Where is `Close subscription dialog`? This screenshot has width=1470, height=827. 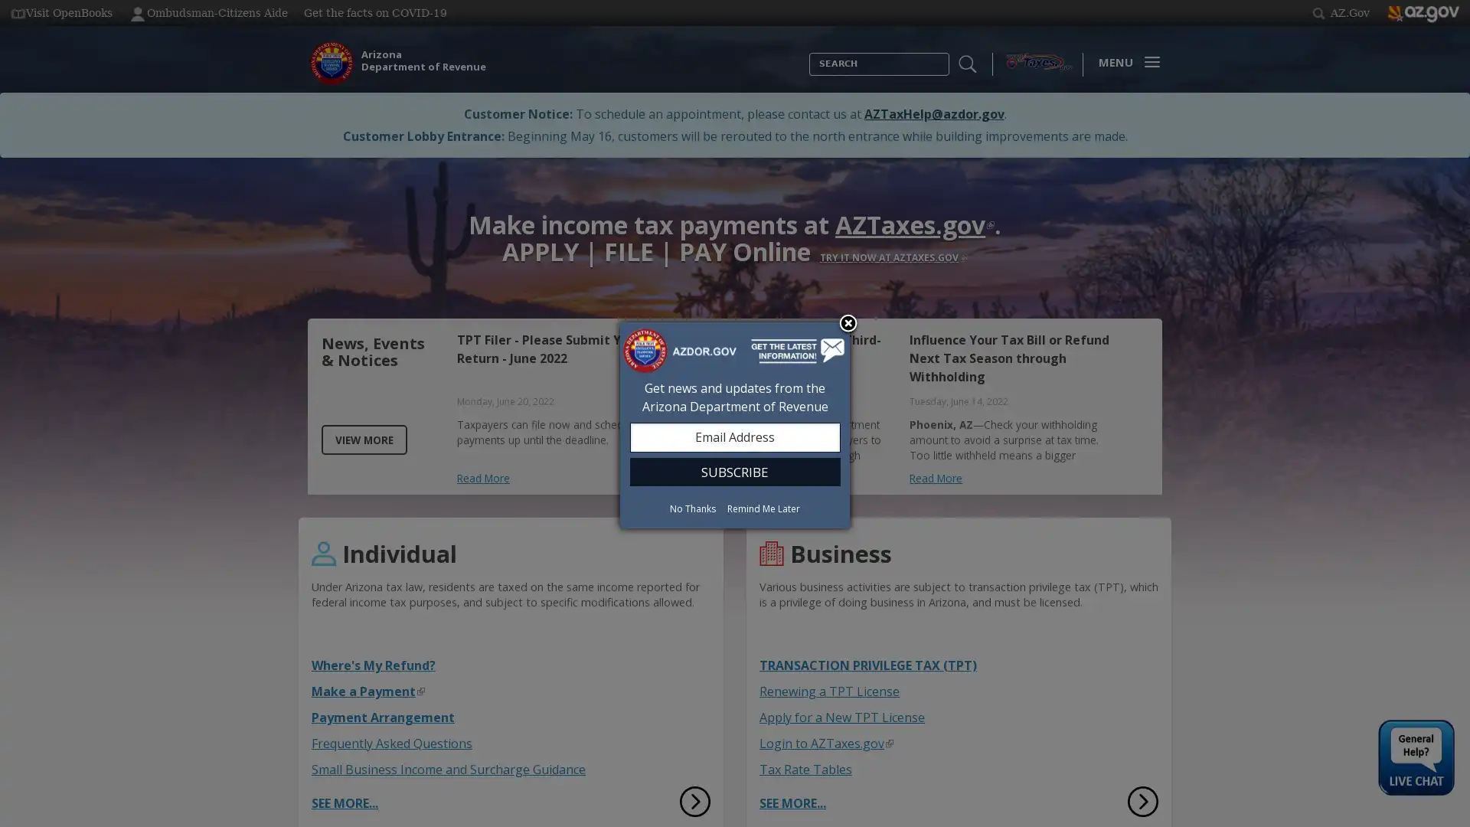
Close subscription dialog is located at coordinates (847, 323).